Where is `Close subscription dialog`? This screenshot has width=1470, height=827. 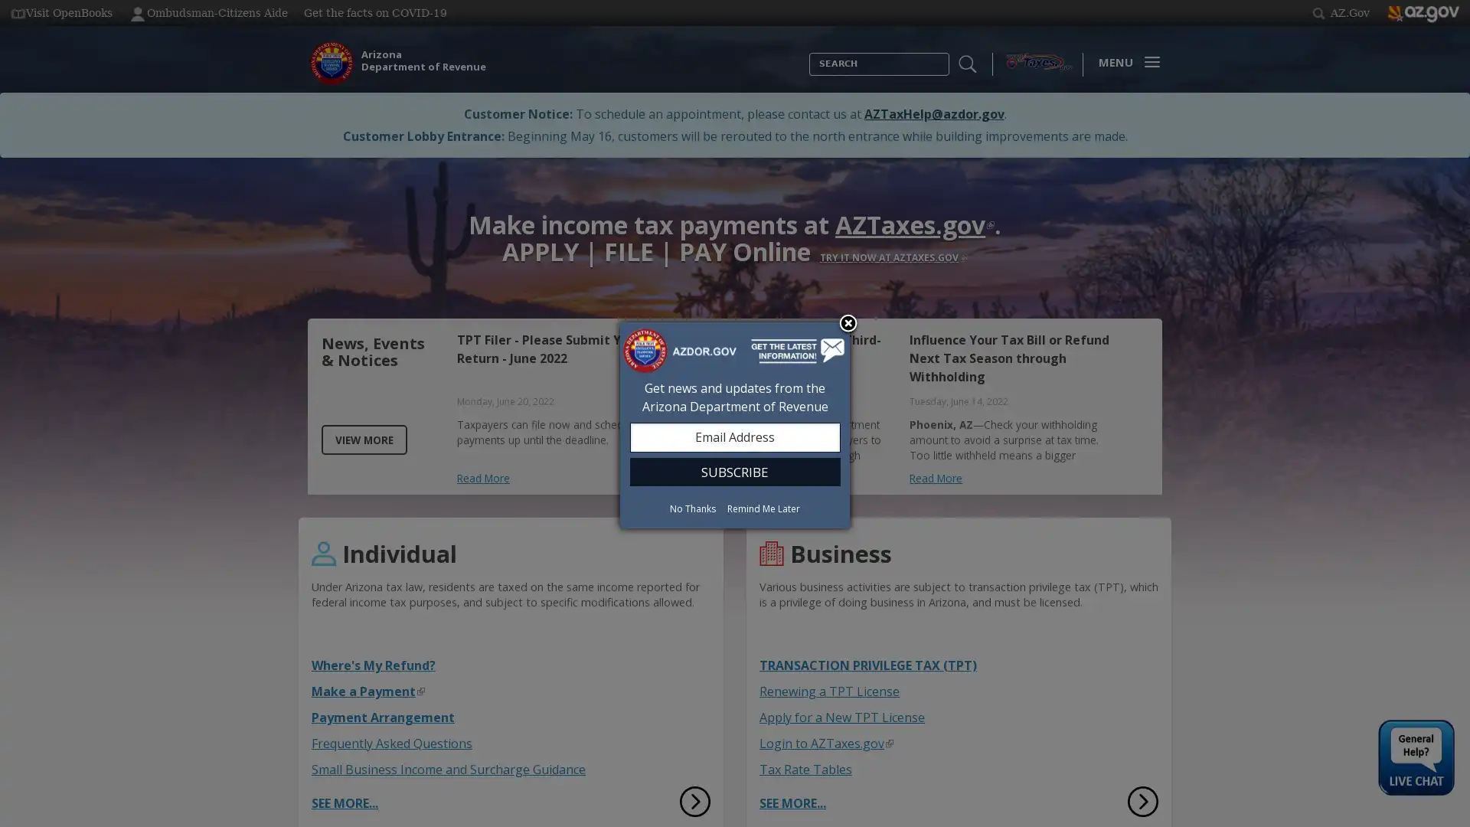
Close subscription dialog is located at coordinates (847, 323).